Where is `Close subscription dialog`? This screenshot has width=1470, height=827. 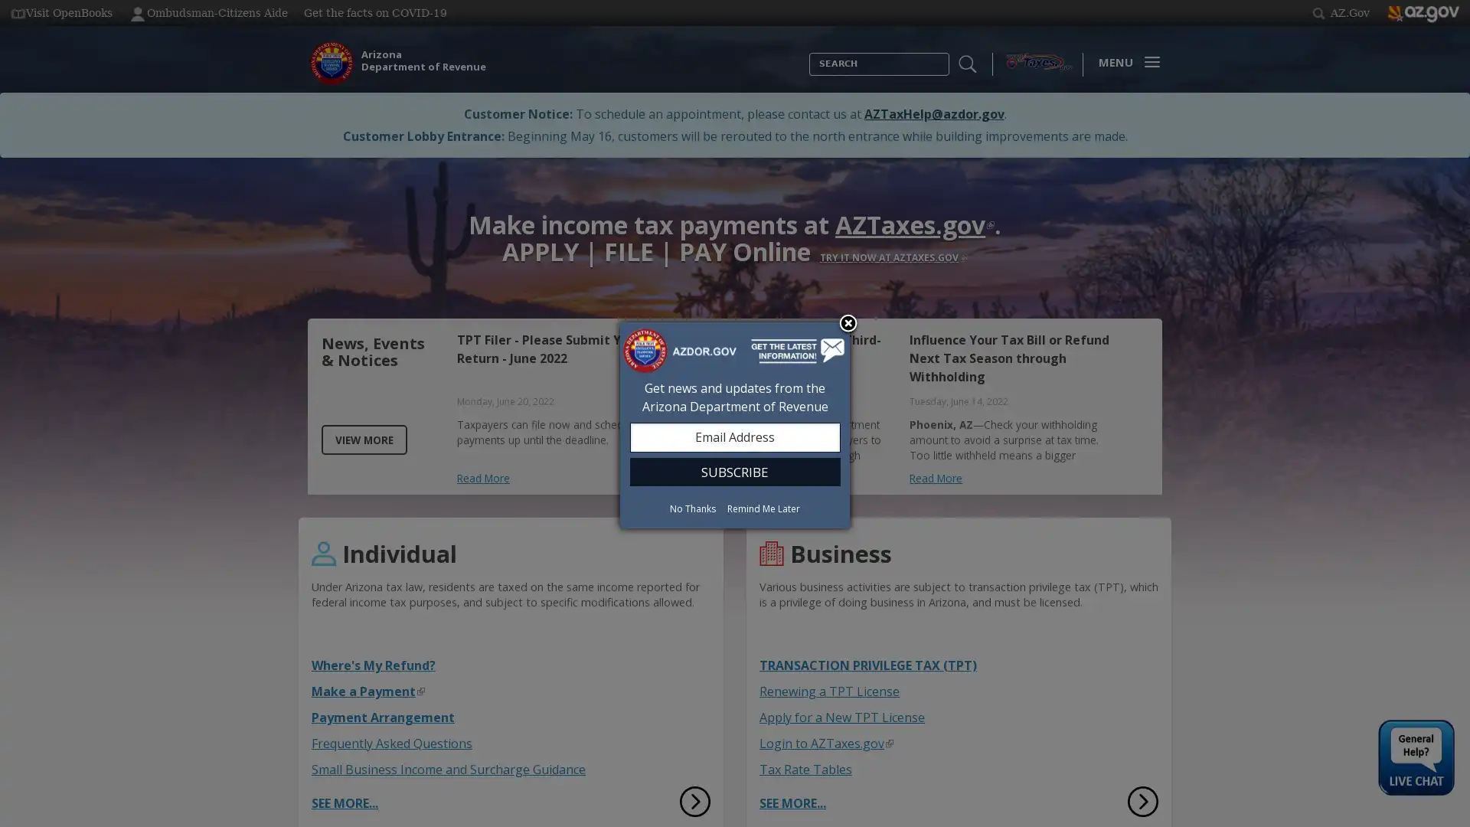
Close subscription dialog is located at coordinates (847, 323).